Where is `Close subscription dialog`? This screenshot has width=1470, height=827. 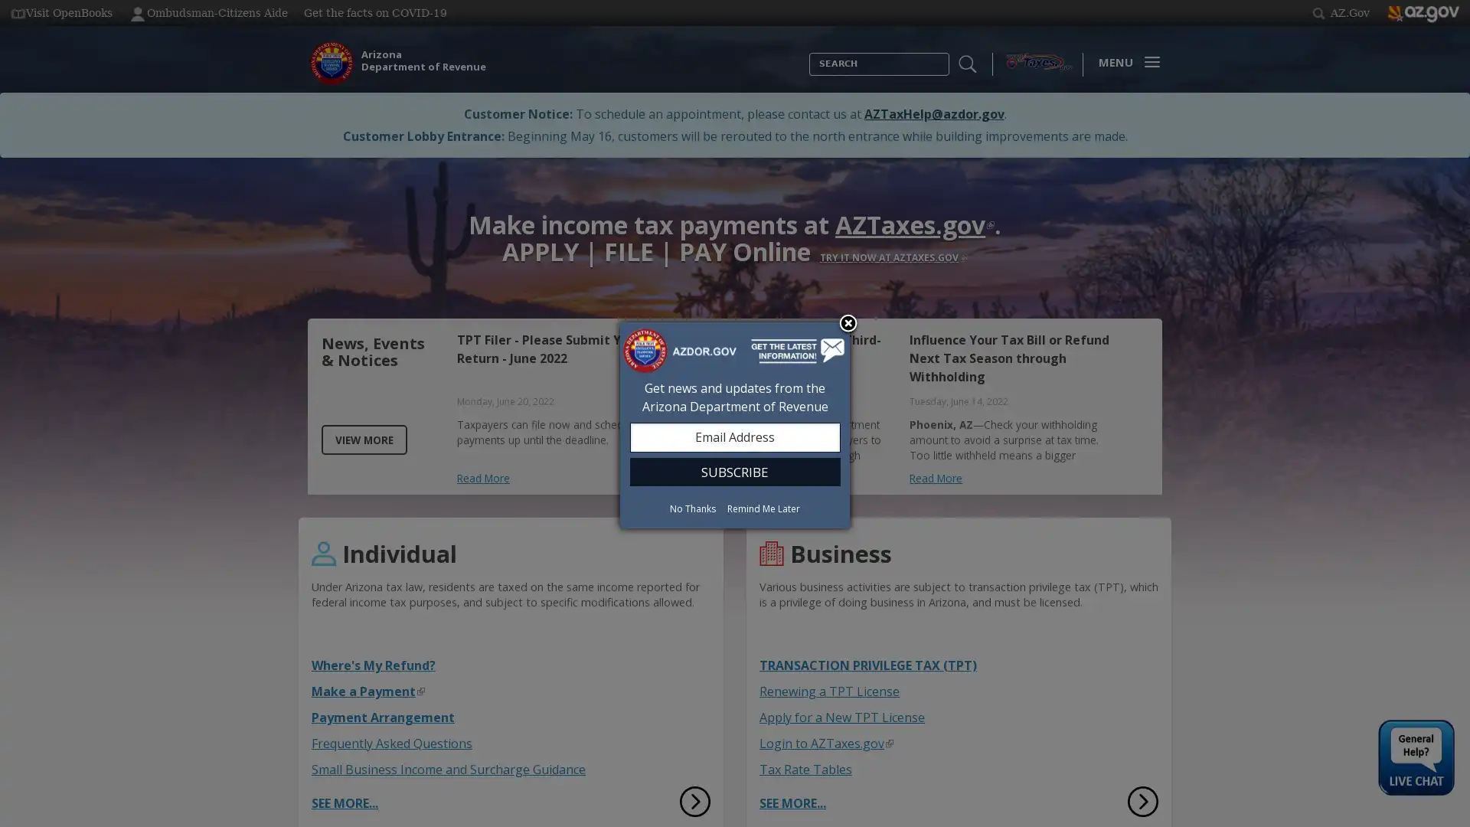
Close subscription dialog is located at coordinates (847, 323).